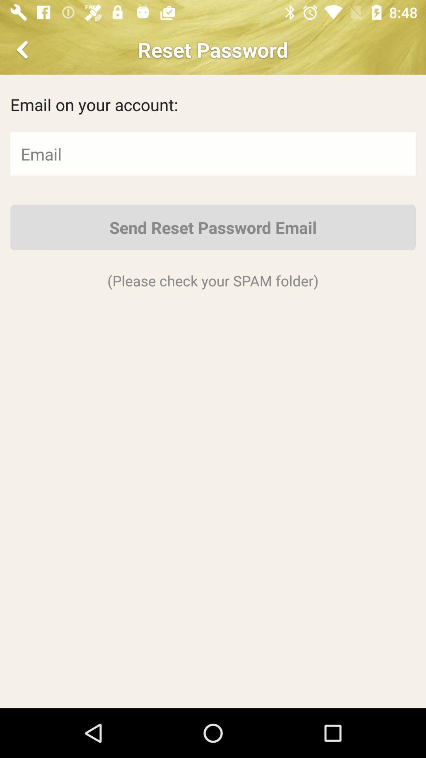 The height and width of the screenshot is (758, 426). What do you see at coordinates (23, 49) in the screenshot?
I see `the item next to reset password app` at bounding box center [23, 49].